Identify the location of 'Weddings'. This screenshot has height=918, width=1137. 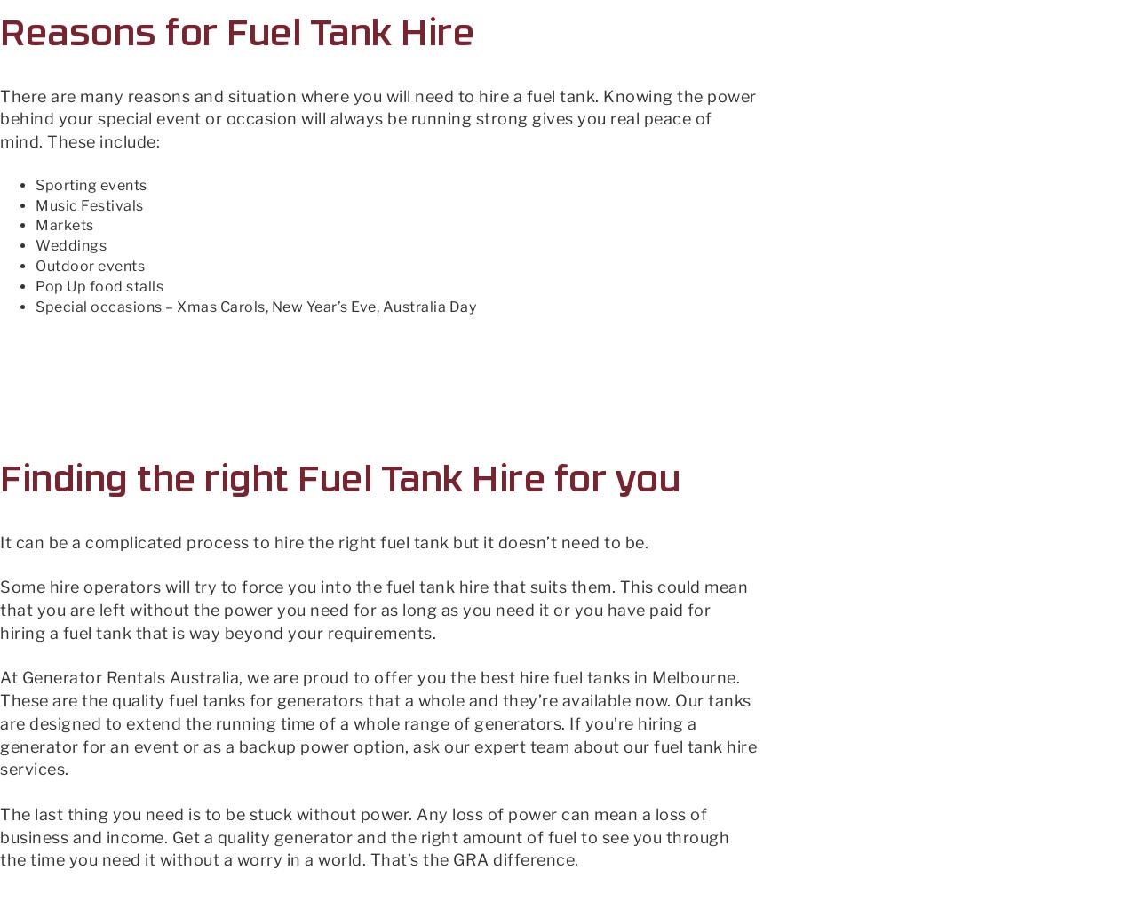
(35, 244).